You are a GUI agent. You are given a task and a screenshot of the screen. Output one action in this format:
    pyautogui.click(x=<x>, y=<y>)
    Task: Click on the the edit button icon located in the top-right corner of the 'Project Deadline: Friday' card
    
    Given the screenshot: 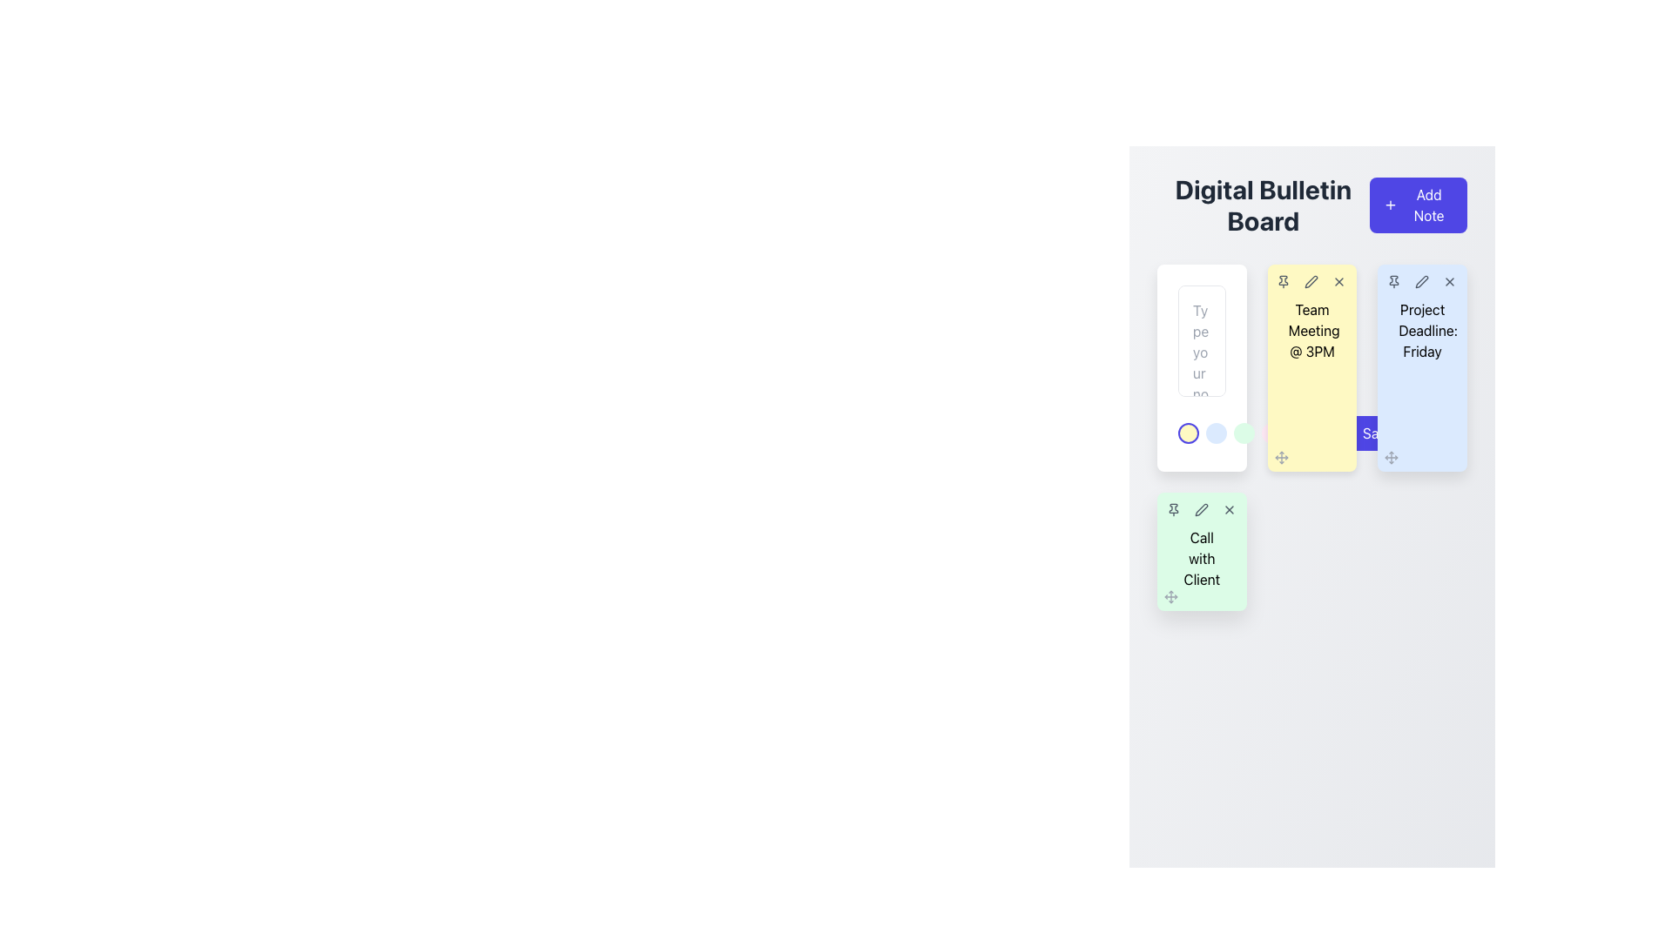 What is the action you would take?
    pyautogui.click(x=1421, y=281)
    